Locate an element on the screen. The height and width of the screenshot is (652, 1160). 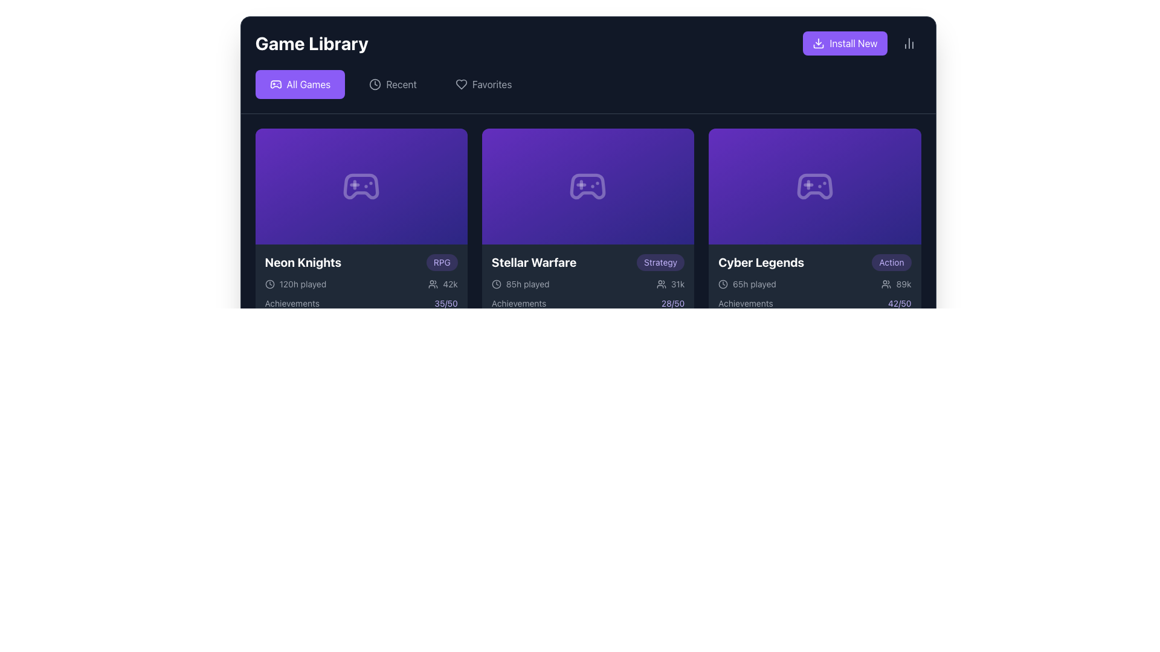
the user count icon located to the left of the text '89k' in the bottom-right corner of the 'Cyber Legends' card is located at coordinates (886, 284).